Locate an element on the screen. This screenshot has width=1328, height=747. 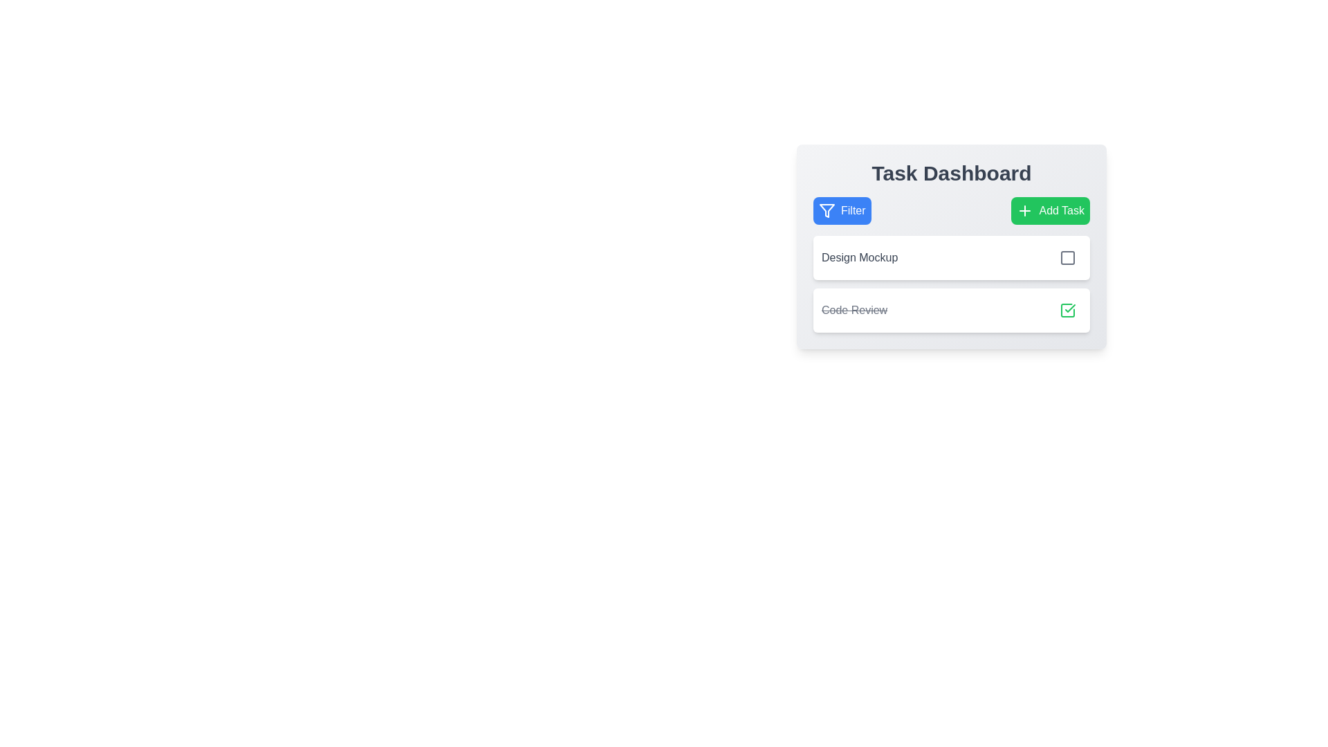
the square icon button with a gray outline located near the right edge of the 'Design Mockup' task row is located at coordinates (1067, 258).